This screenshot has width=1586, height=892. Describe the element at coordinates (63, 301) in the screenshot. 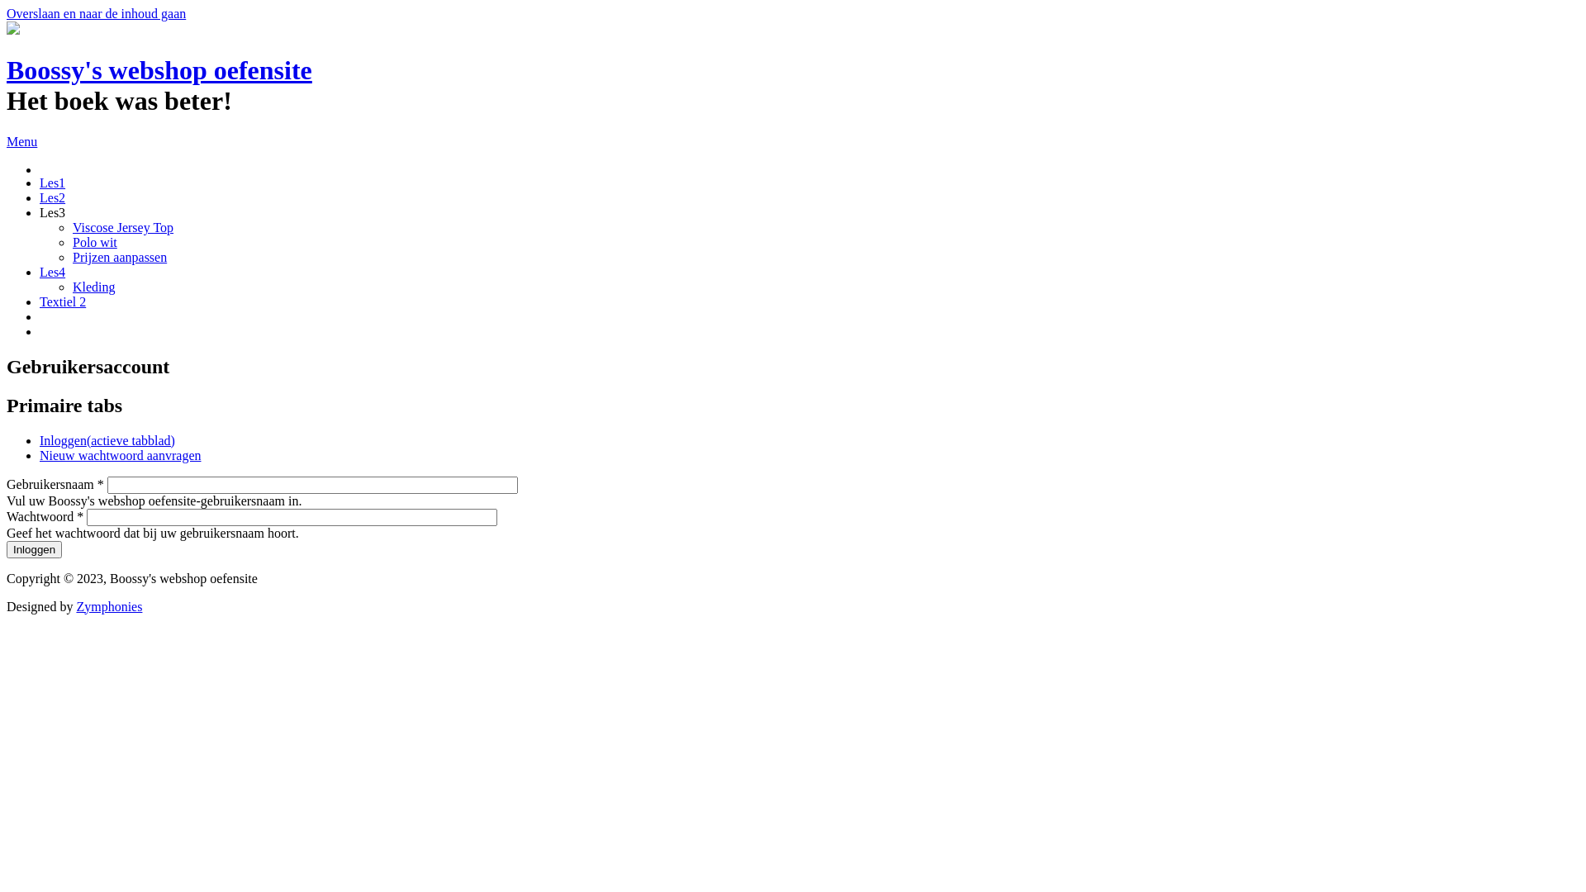

I see `'Textiel 2'` at that location.